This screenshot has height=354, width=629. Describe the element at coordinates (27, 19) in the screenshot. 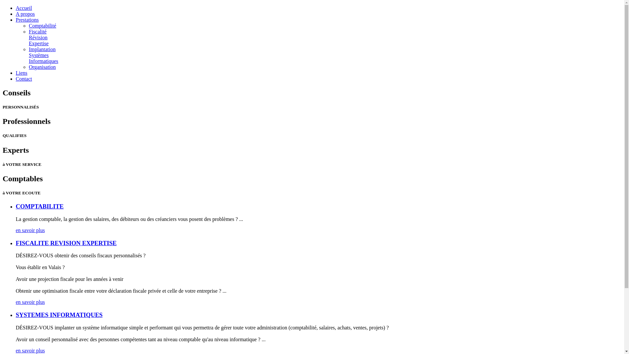

I see `'Prestations'` at that location.